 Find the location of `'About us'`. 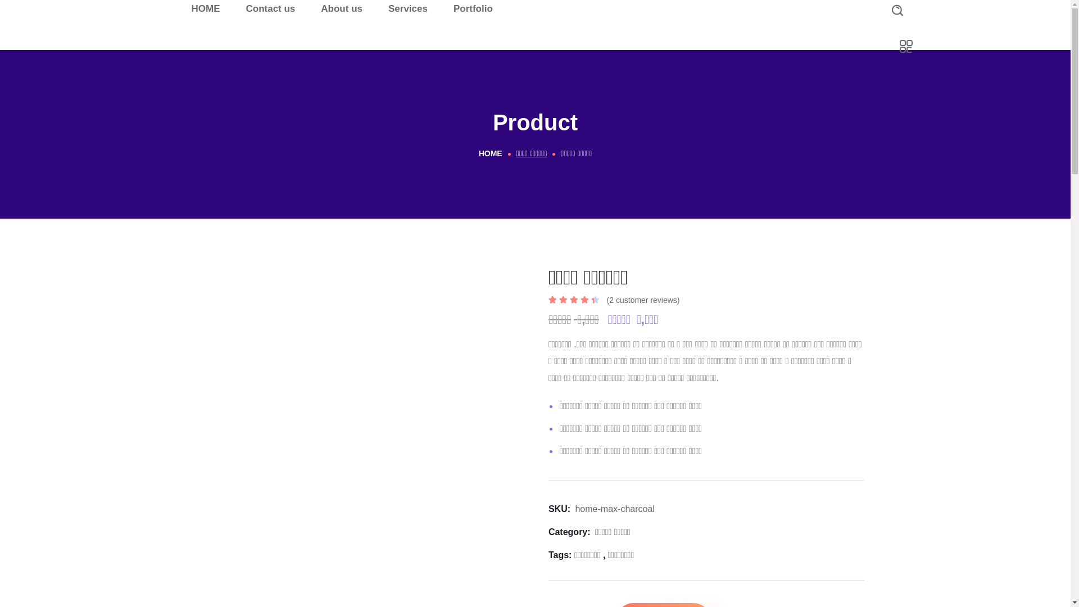

'About us' is located at coordinates (341, 8).